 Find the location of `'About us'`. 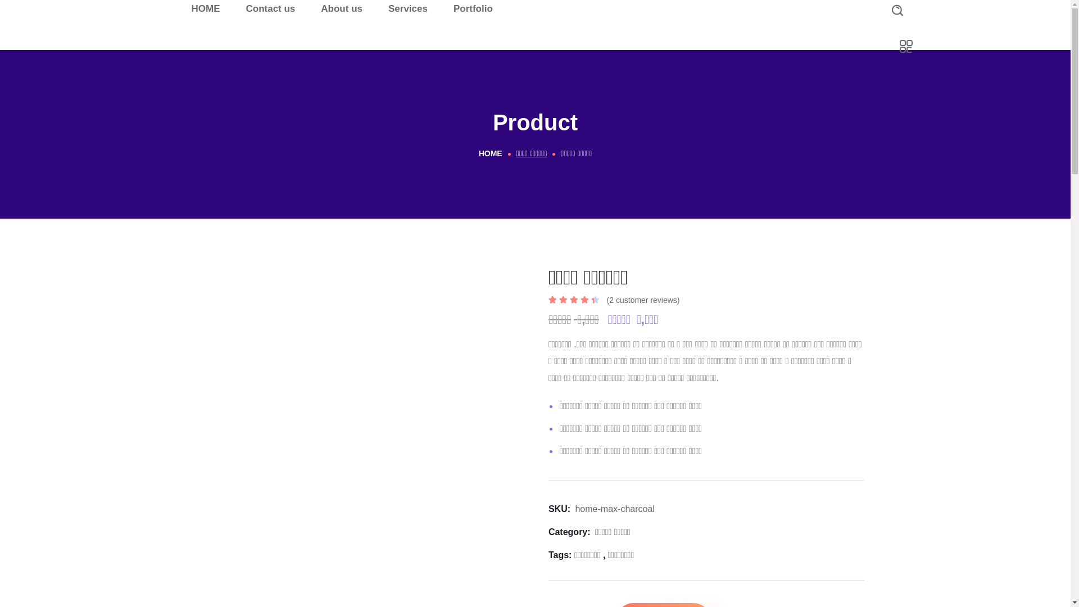

'About us' is located at coordinates (341, 8).